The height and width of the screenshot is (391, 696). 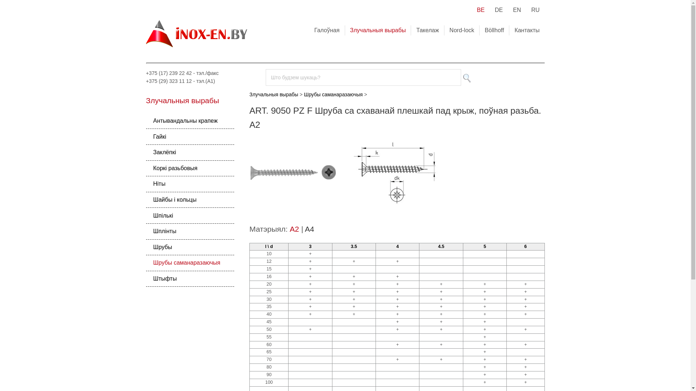 I want to click on 'Nord-lock', so click(x=461, y=30).